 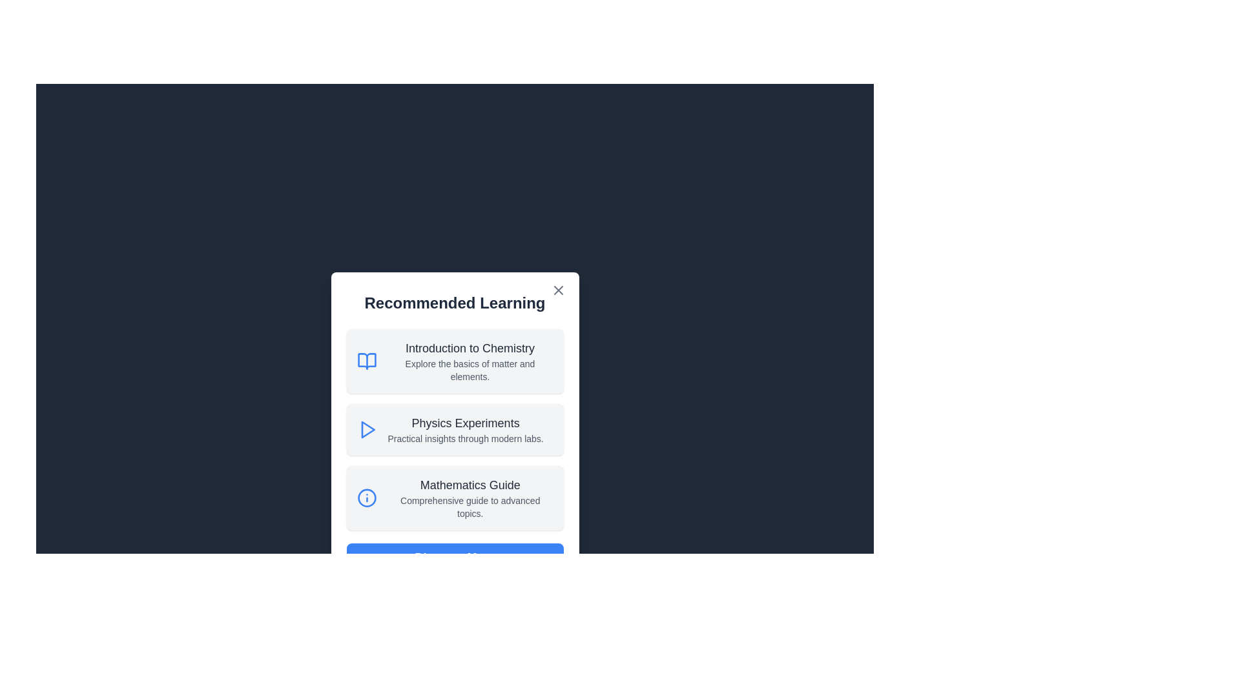 I want to click on the text block titled 'Introduction to Chemistry' which features a prominent title and a smaller description, located near the top of the 'Recommended Learning' section, so click(x=470, y=361).